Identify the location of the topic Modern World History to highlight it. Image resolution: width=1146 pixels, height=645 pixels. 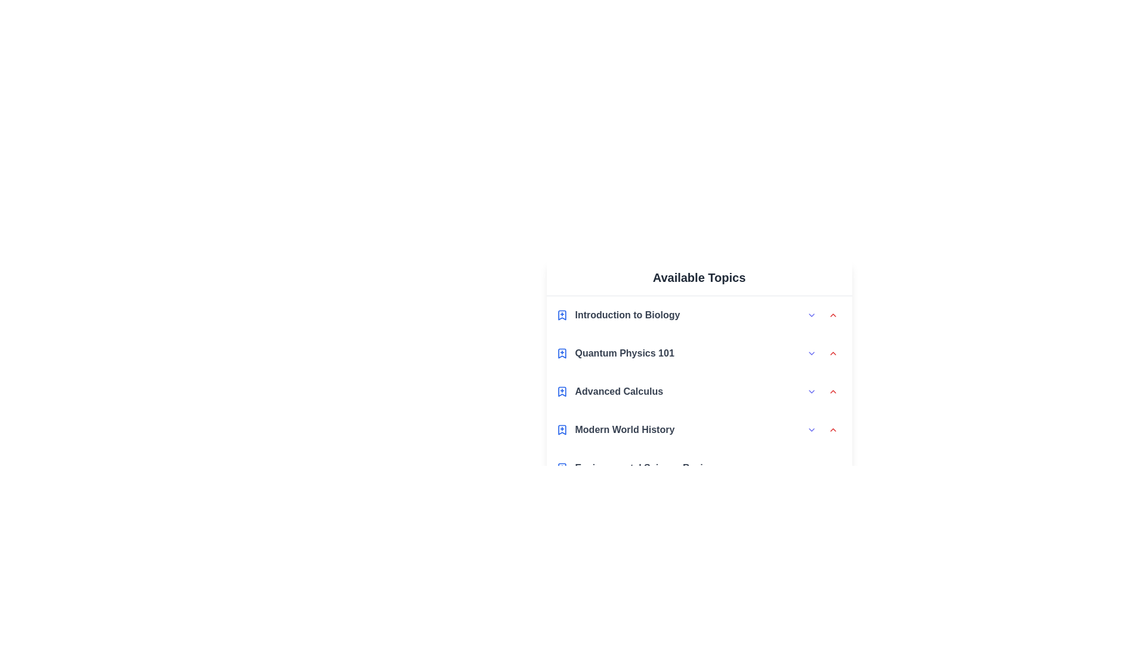
(699, 430).